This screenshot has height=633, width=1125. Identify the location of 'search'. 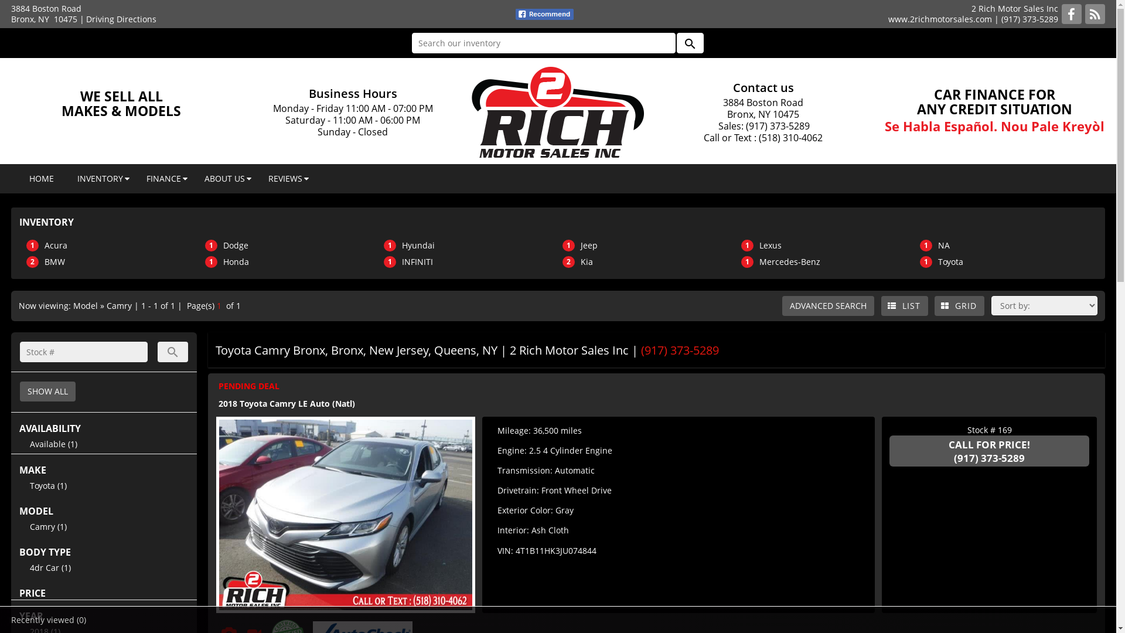
(156, 351).